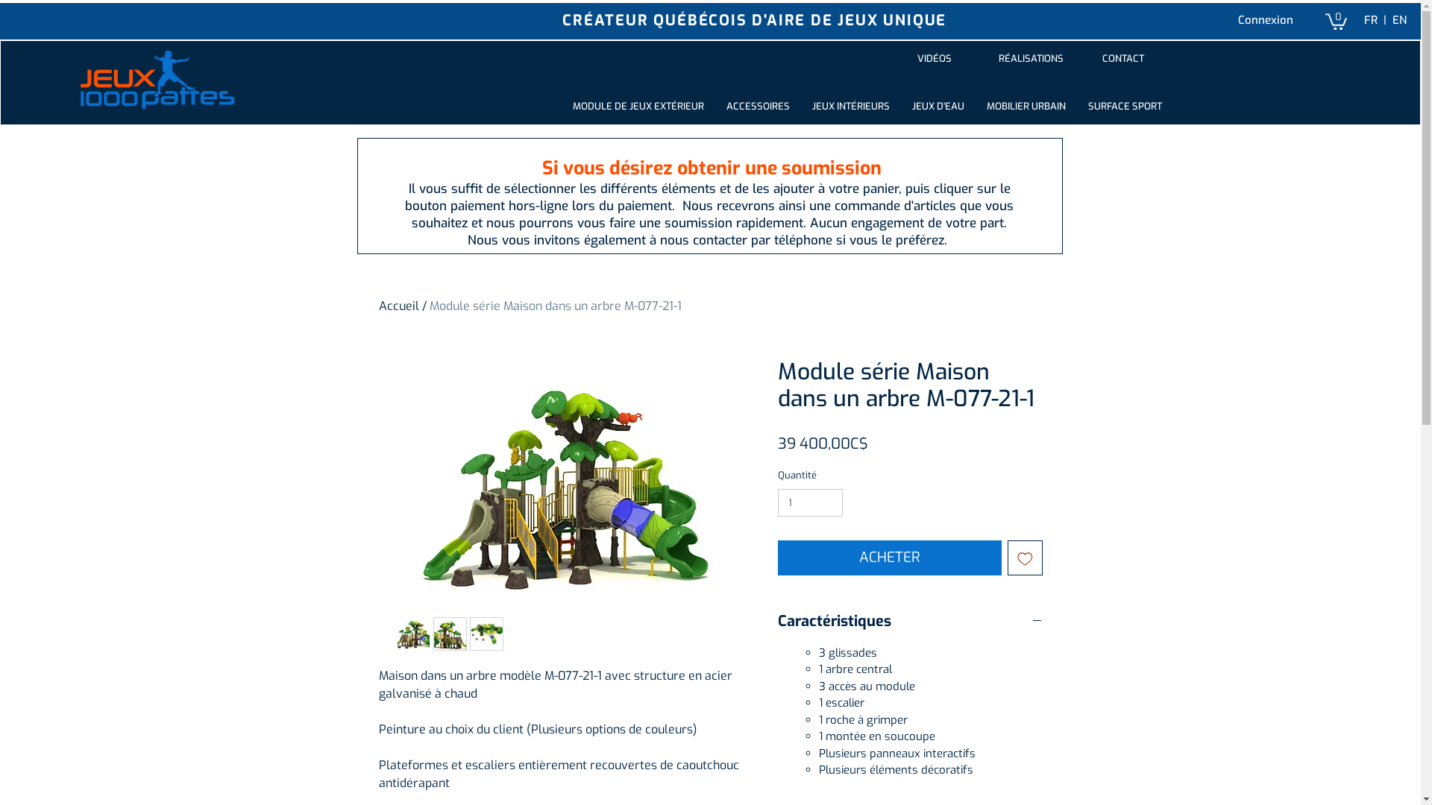 The height and width of the screenshot is (805, 1432). Describe the element at coordinates (758, 105) in the screenshot. I see `'ACCESSOIRES'` at that location.